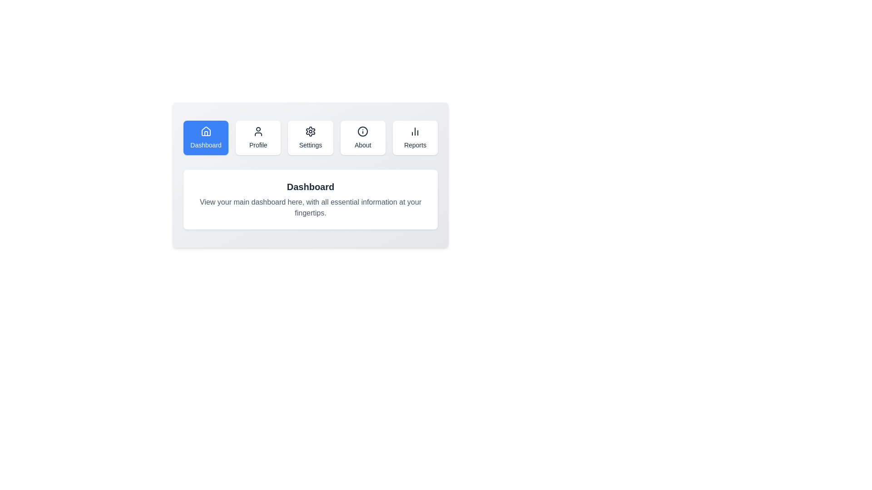 Image resolution: width=872 pixels, height=490 pixels. I want to click on the tab labeled Dashboard, so click(205, 138).